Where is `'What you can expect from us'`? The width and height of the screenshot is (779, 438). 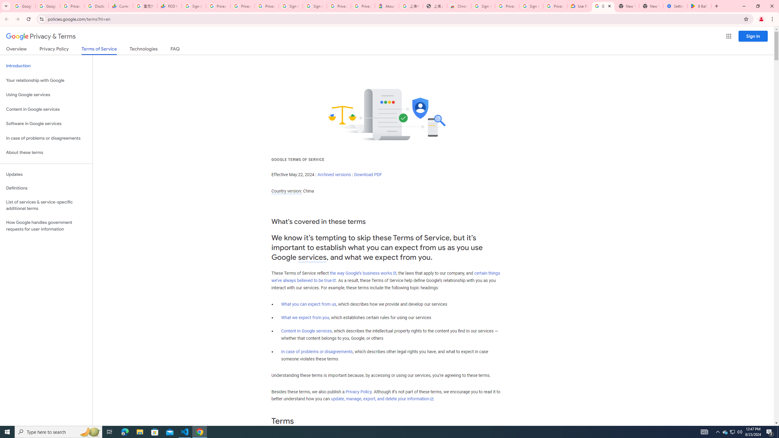
'What you can expect from us' is located at coordinates (309, 304).